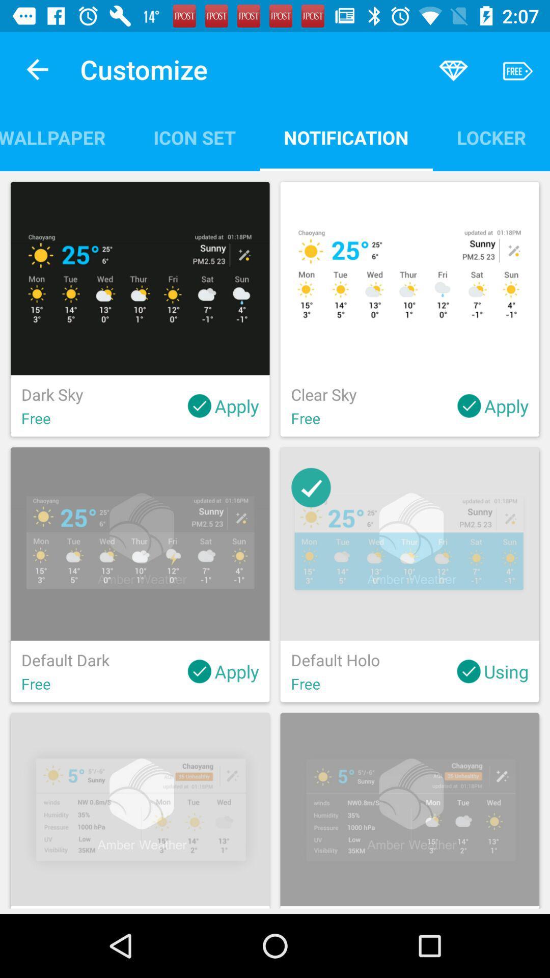 This screenshot has height=978, width=550. Describe the element at coordinates (223, 405) in the screenshot. I see `apply right to dark sky` at that location.